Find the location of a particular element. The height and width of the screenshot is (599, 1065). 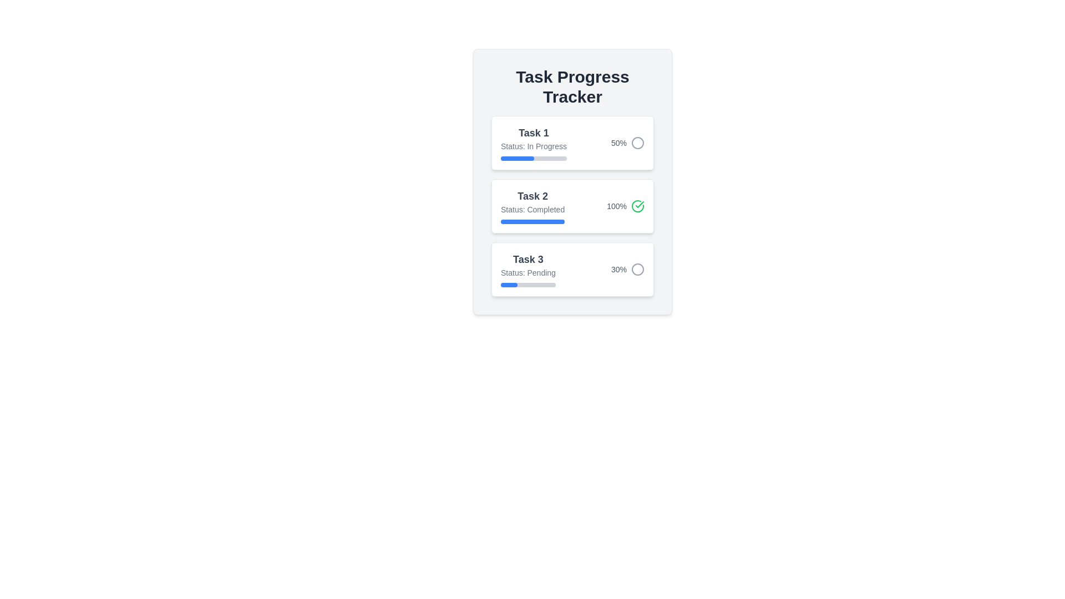

the state of the blue progress bar, which is horizontally centered beneath the 'Task 1' block and occupies 50% of its gray tracking bar is located at coordinates (516, 158).